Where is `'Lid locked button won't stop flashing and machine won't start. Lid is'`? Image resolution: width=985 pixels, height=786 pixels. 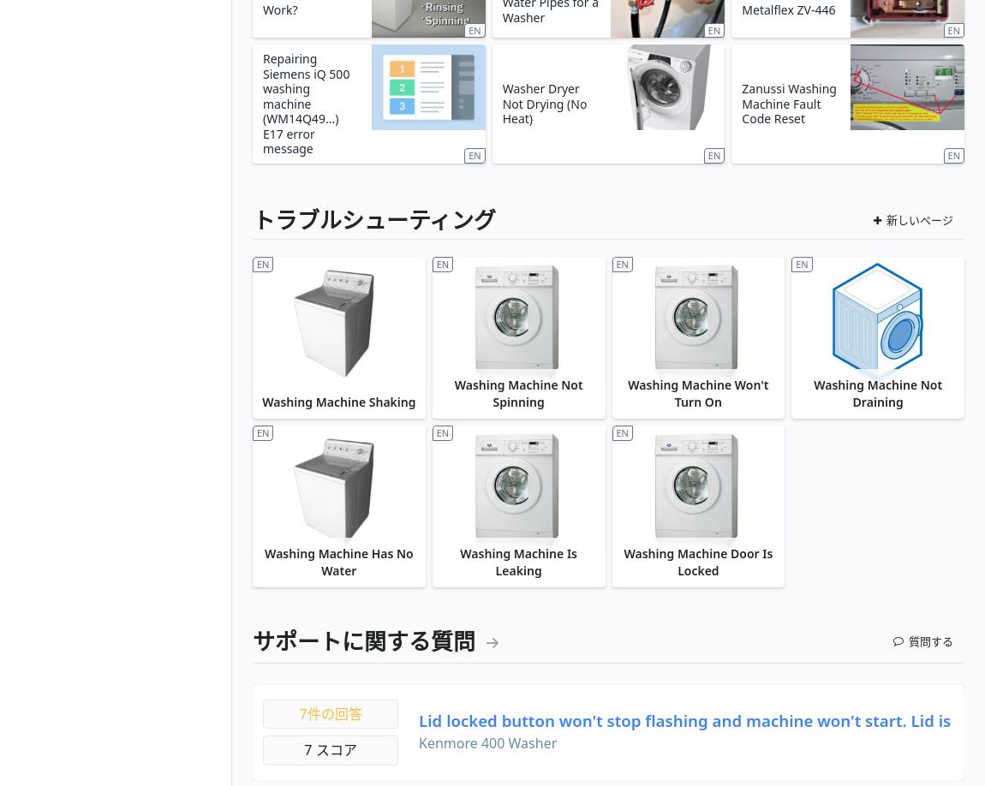
'Lid locked button won't stop flashing and machine won't start. Lid is' is located at coordinates (418, 719).